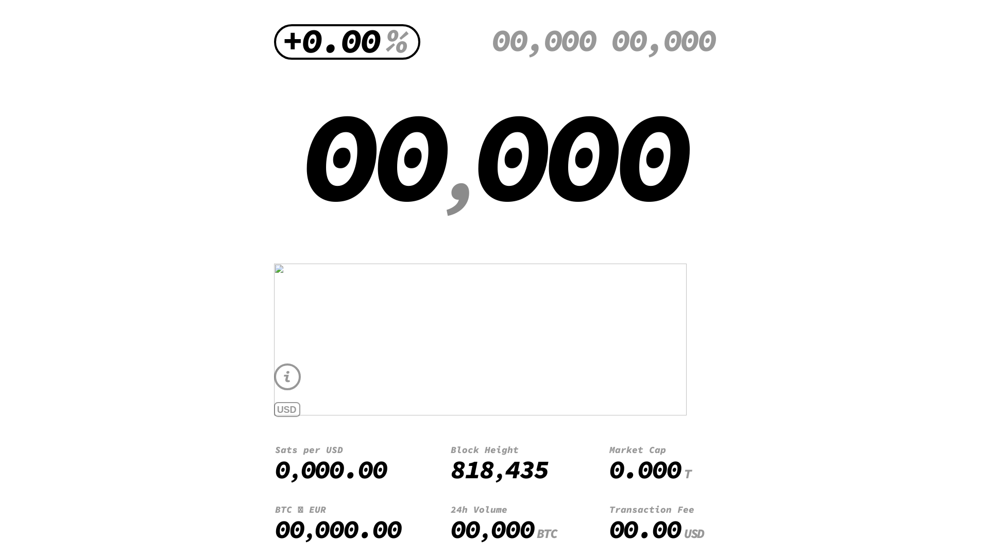 The width and height of the screenshot is (989, 556). Describe the element at coordinates (287, 377) in the screenshot. I see `'i'` at that location.